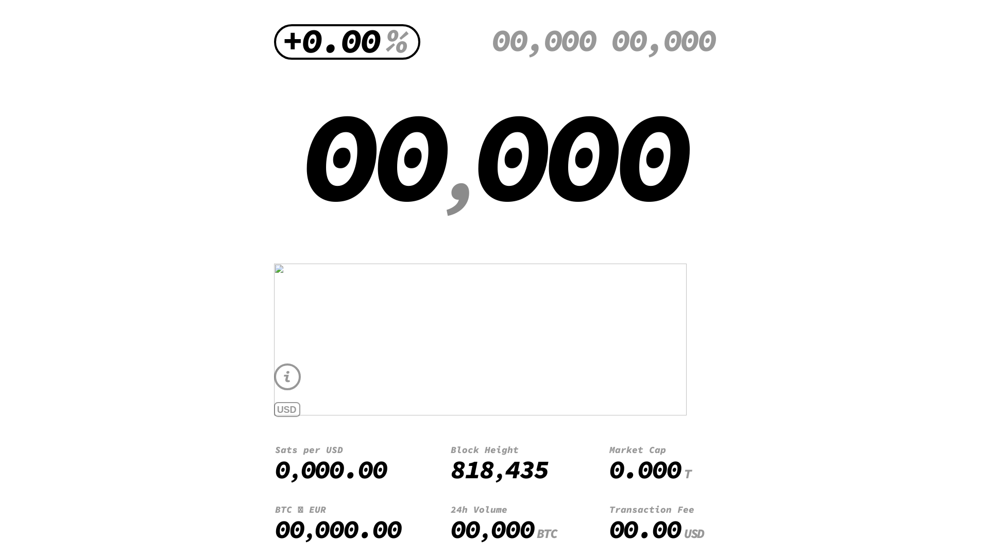 The width and height of the screenshot is (989, 556). Describe the element at coordinates (287, 377) in the screenshot. I see `'i'` at that location.